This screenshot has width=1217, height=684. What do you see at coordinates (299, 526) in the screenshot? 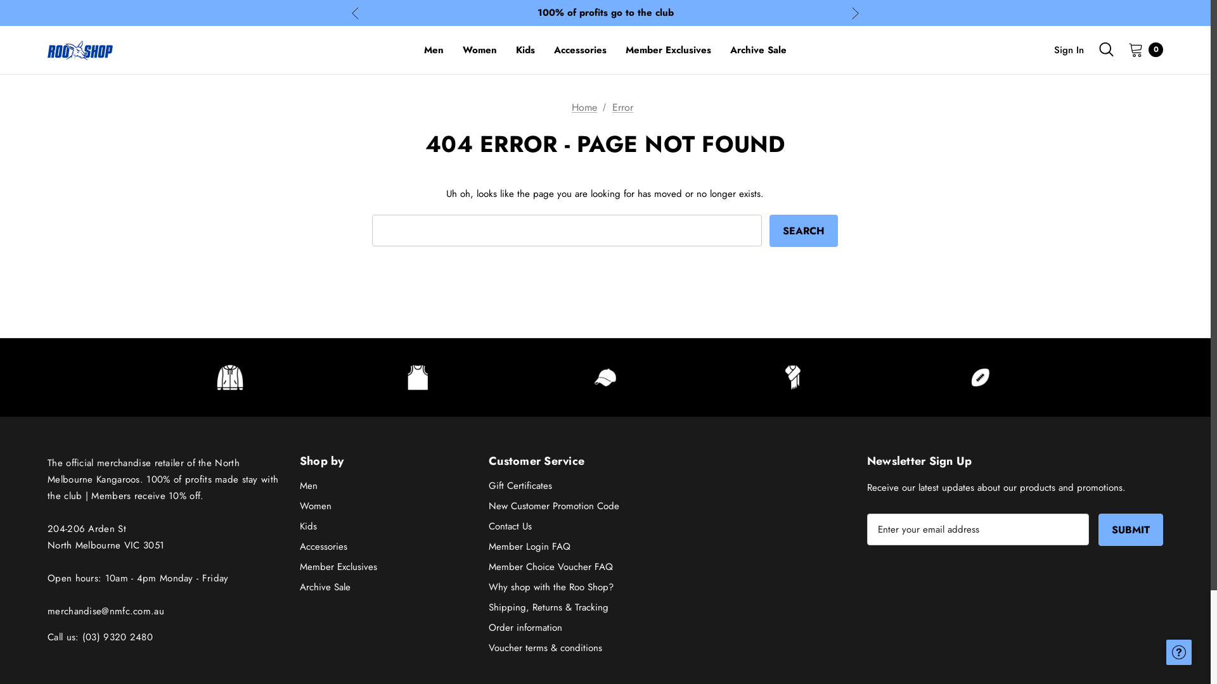
I see `'Kids'` at bounding box center [299, 526].